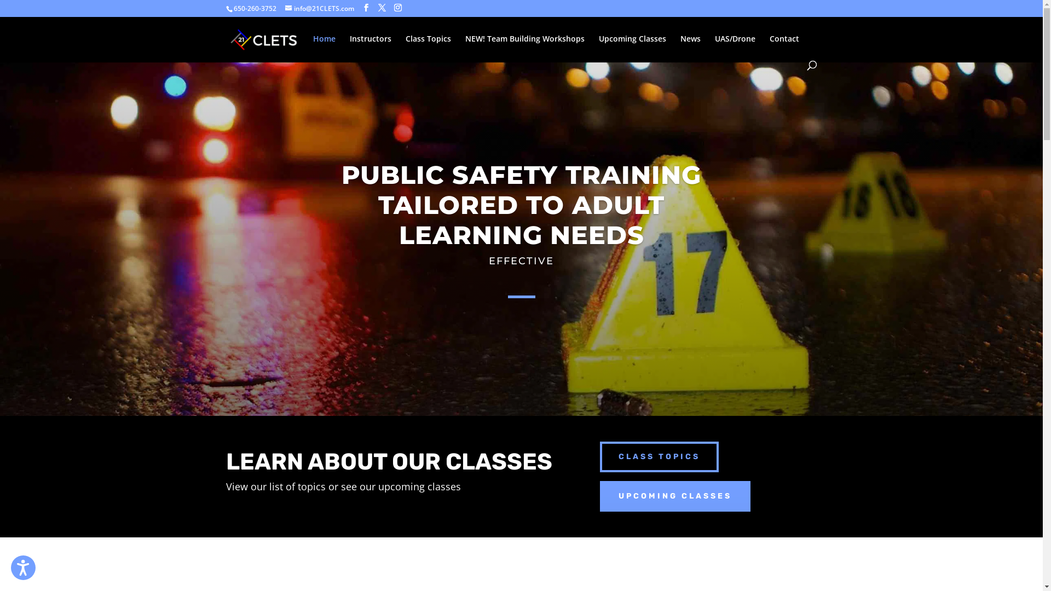 This screenshot has width=1051, height=591. Describe the element at coordinates (689, 47) in the screenshot. I see `'News'` at that location.